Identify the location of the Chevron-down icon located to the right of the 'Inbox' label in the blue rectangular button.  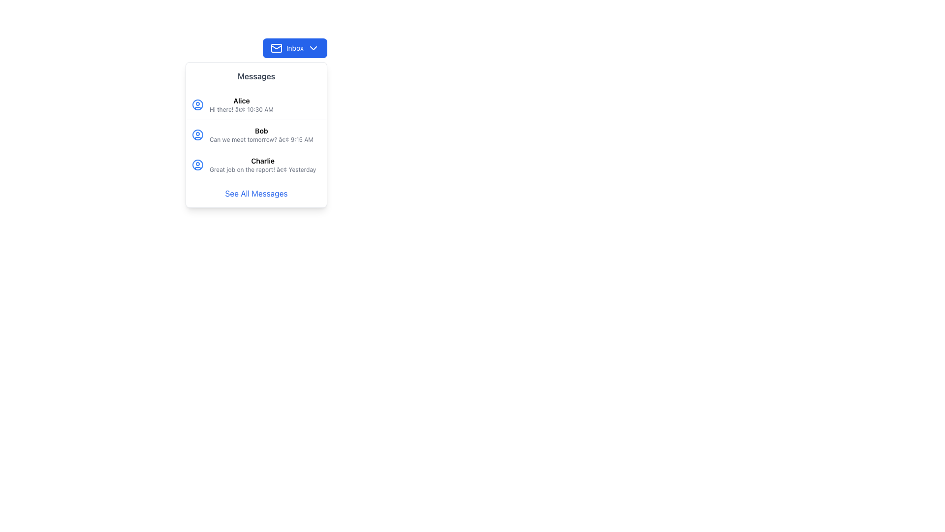
(313, 48).